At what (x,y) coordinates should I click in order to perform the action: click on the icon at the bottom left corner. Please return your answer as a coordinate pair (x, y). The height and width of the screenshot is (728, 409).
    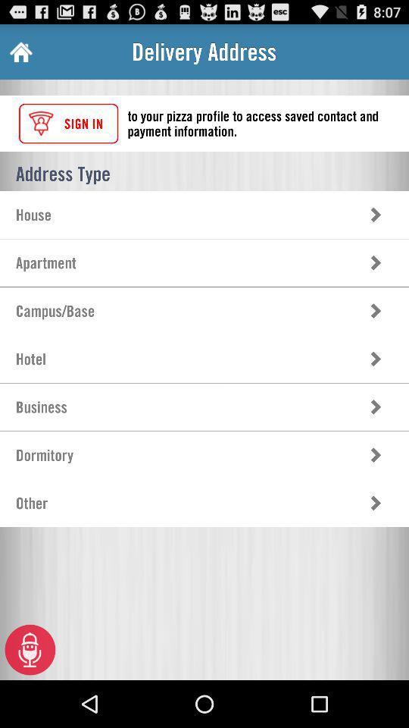
    Looking at the image, I should click on (30, 648).